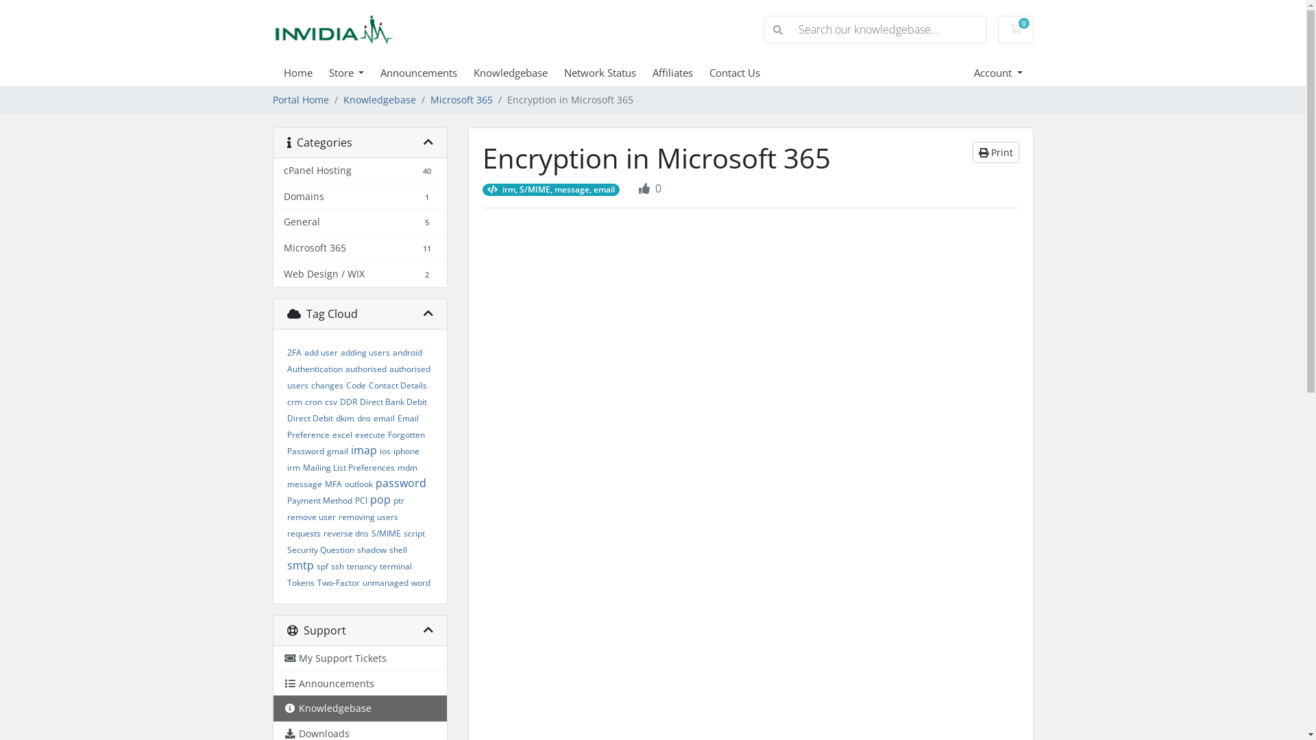 This screenshot has width=1316, height=740. Describe the element at coordinates (304, 401) in the screenshot. I see `'cron'` at that location.